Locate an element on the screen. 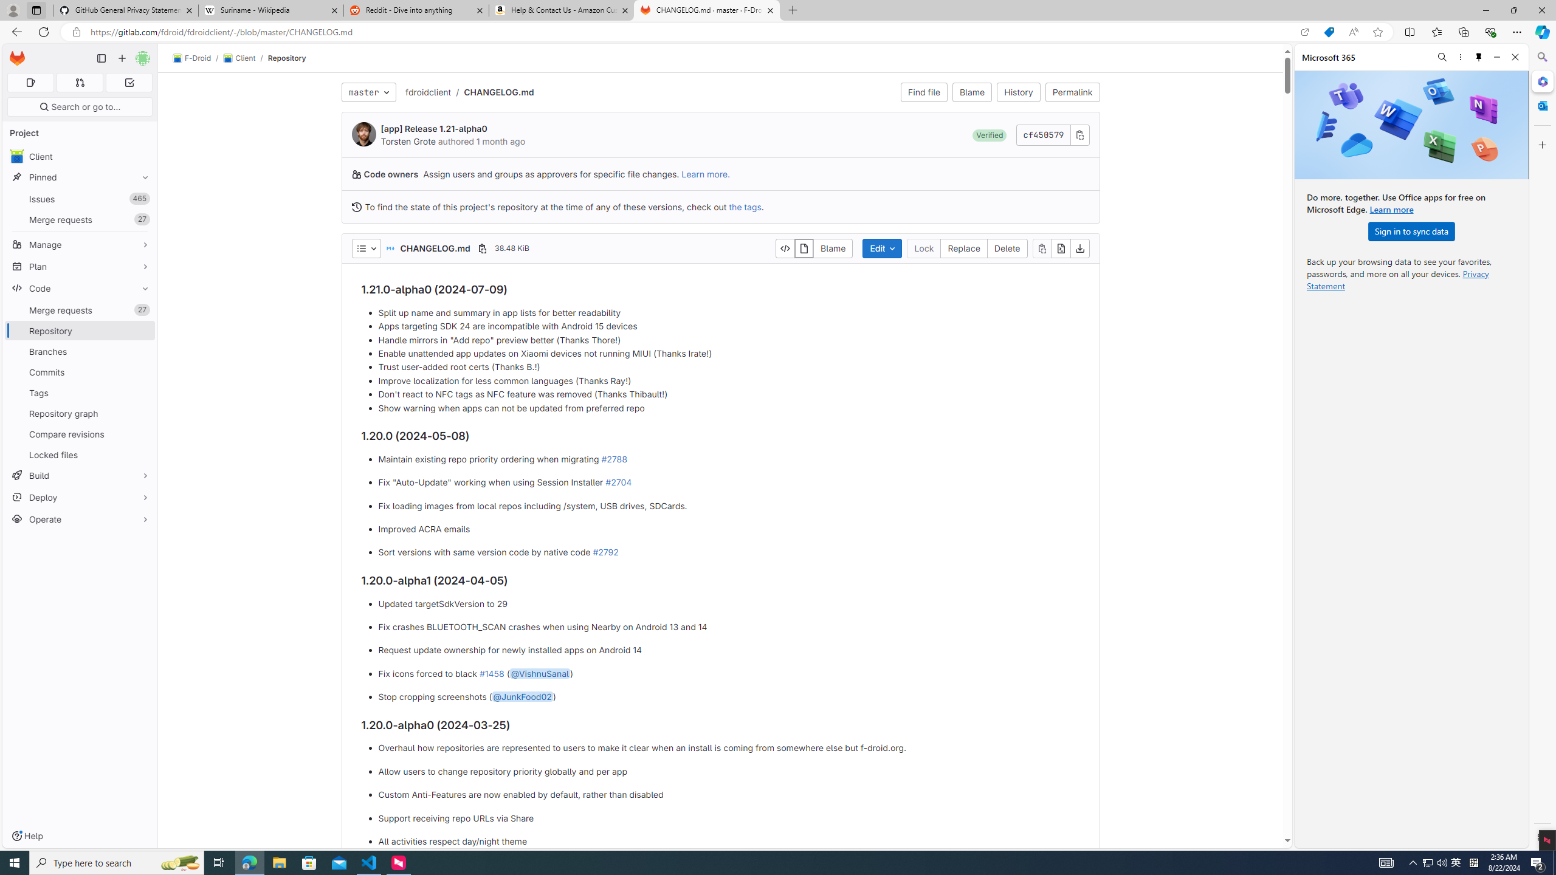  'More options' is located at coordinates (1459, 57).